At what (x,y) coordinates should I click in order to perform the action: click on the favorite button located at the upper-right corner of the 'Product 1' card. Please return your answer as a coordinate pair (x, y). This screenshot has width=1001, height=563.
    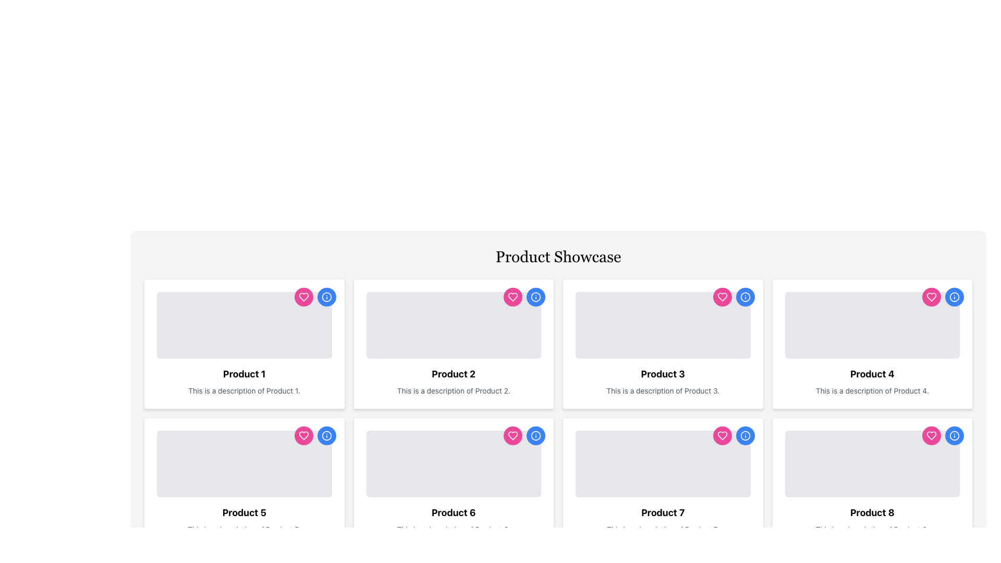
    Looking at the image, I should click on (303, 297).